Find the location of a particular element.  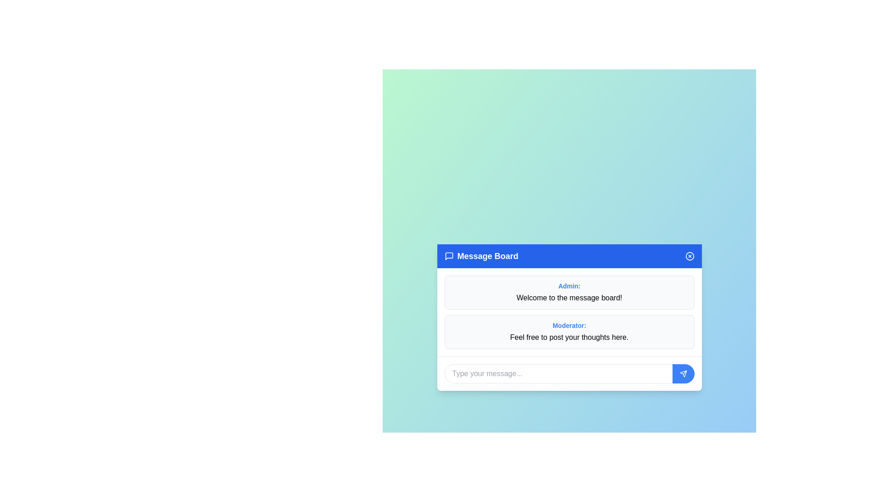

close button to close the dialog is located at coordinates (690, 256).